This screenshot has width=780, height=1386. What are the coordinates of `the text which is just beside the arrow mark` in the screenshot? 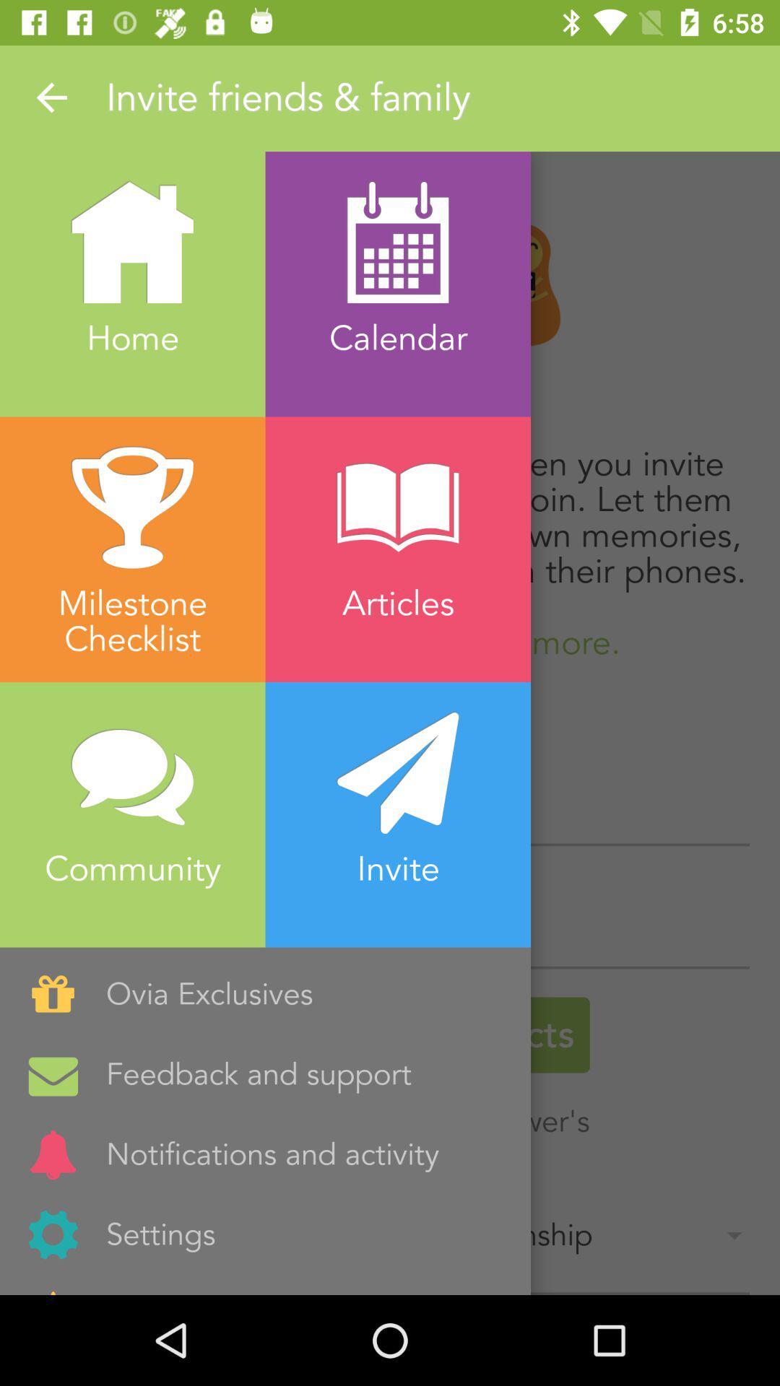 It's located at (442, 97).